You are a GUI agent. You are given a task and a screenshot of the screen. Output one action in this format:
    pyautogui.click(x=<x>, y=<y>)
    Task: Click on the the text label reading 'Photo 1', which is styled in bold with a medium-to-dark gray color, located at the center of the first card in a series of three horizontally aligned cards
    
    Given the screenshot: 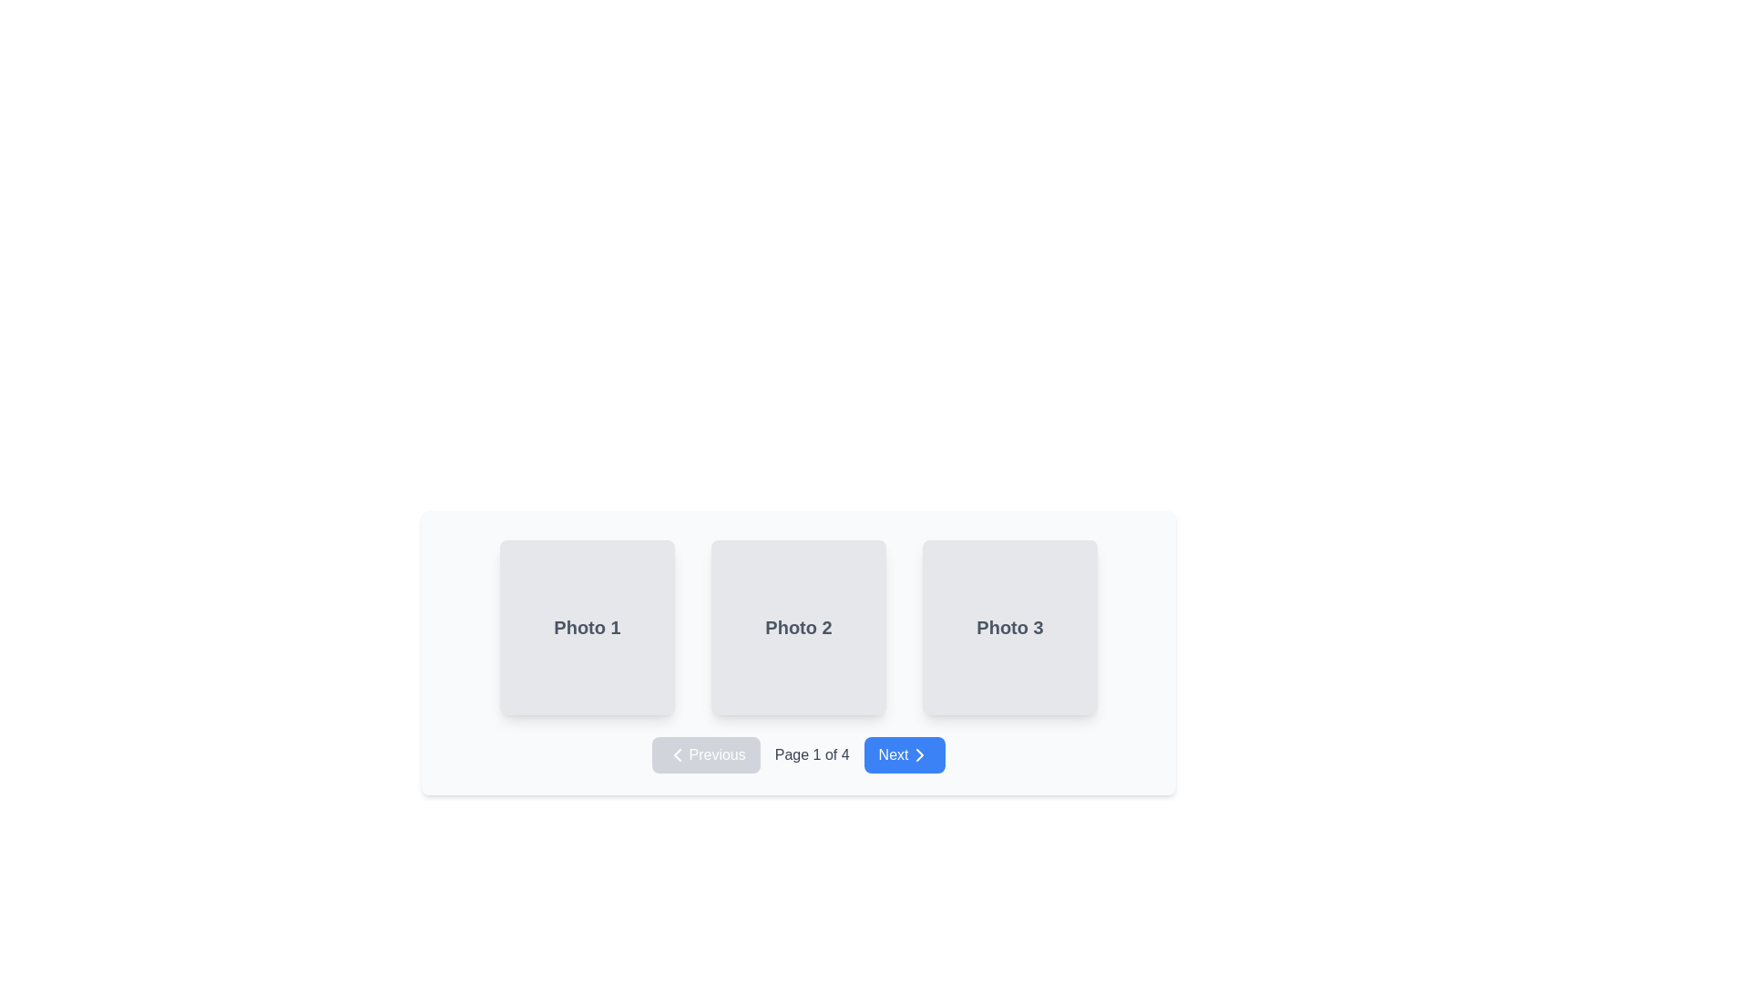 What is the action you would take?
    pyautogui.click(x=587, y=627)
    